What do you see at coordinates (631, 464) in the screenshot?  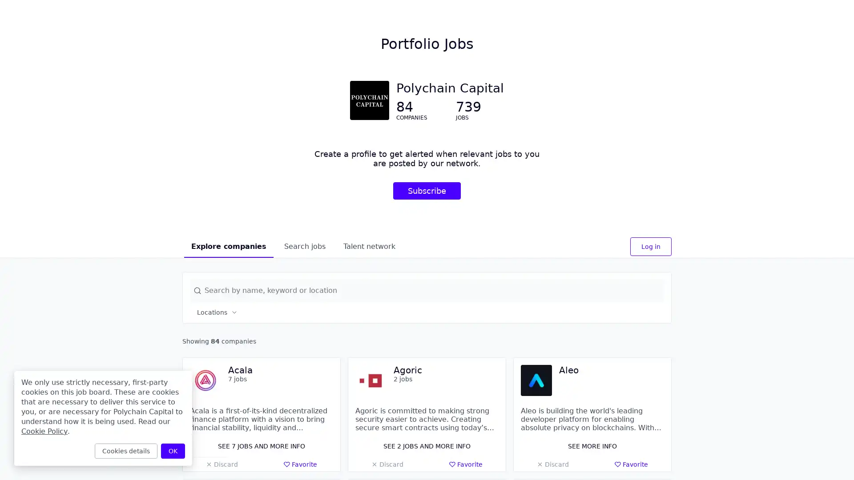 I see `Favorite` at bounding box center [631, 464].